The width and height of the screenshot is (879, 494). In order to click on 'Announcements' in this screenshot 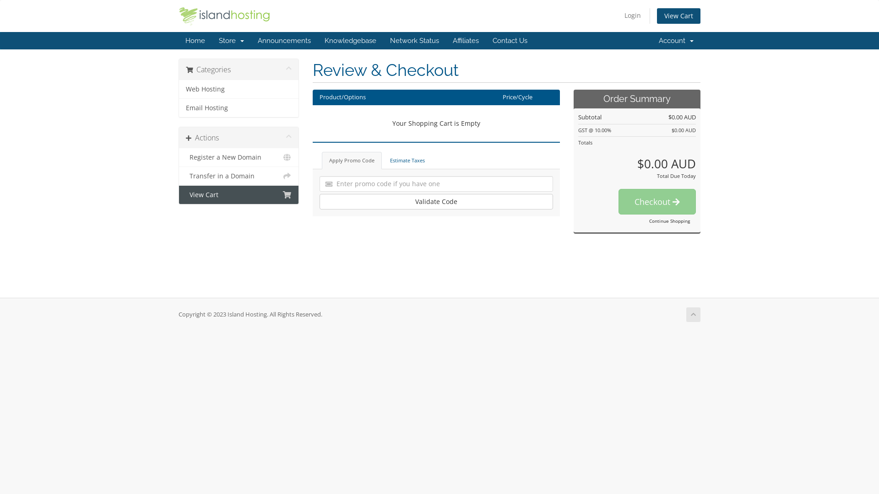, I will do `click(283, 40)`.